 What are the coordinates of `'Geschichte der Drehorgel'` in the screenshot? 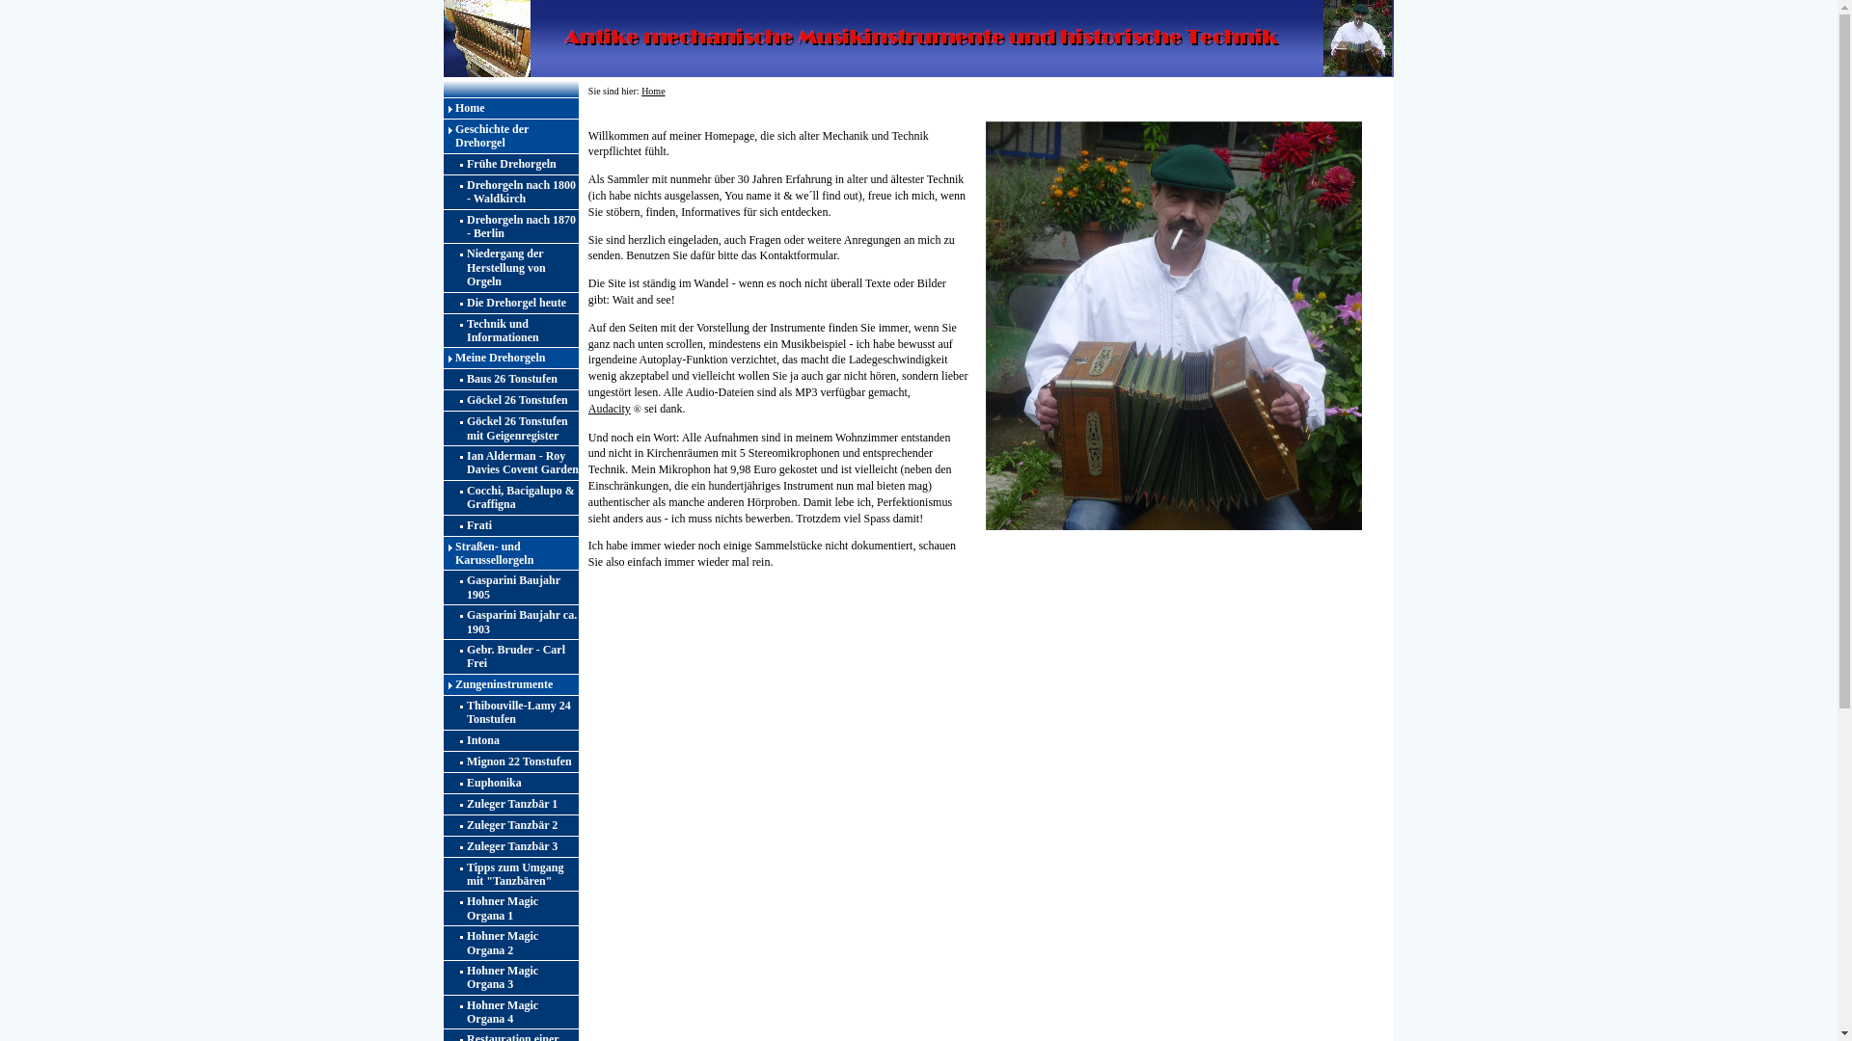 It's located at (510, 135).